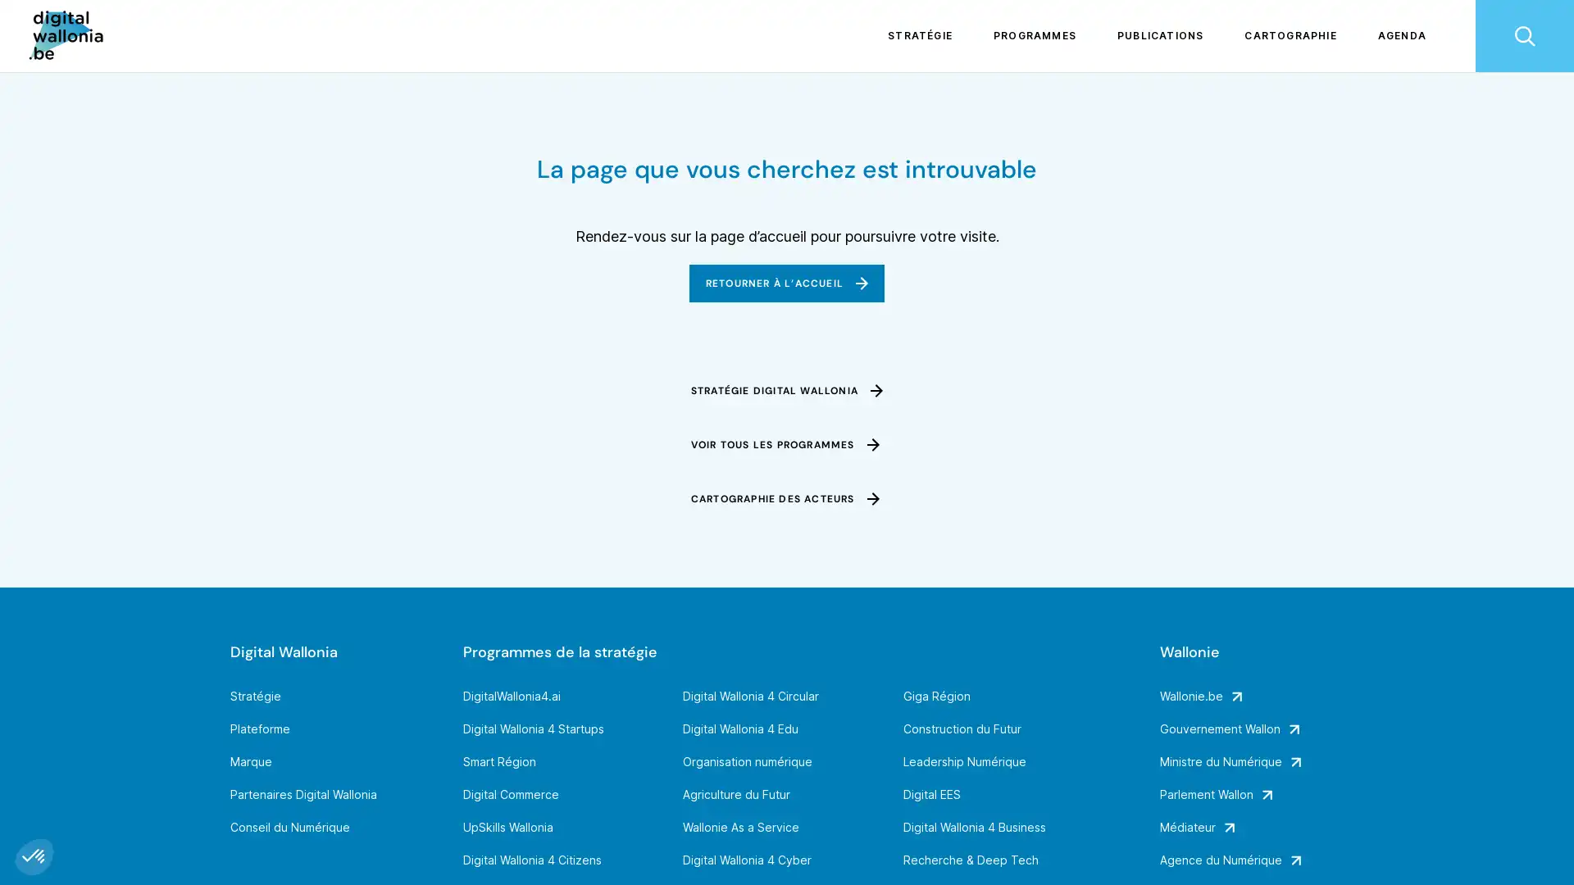 This screenshot has width=1574, height=885. What do you see at coordinates (34, 855) in the screenshot?
I see `Fermer` at bounding box center [34, 855].